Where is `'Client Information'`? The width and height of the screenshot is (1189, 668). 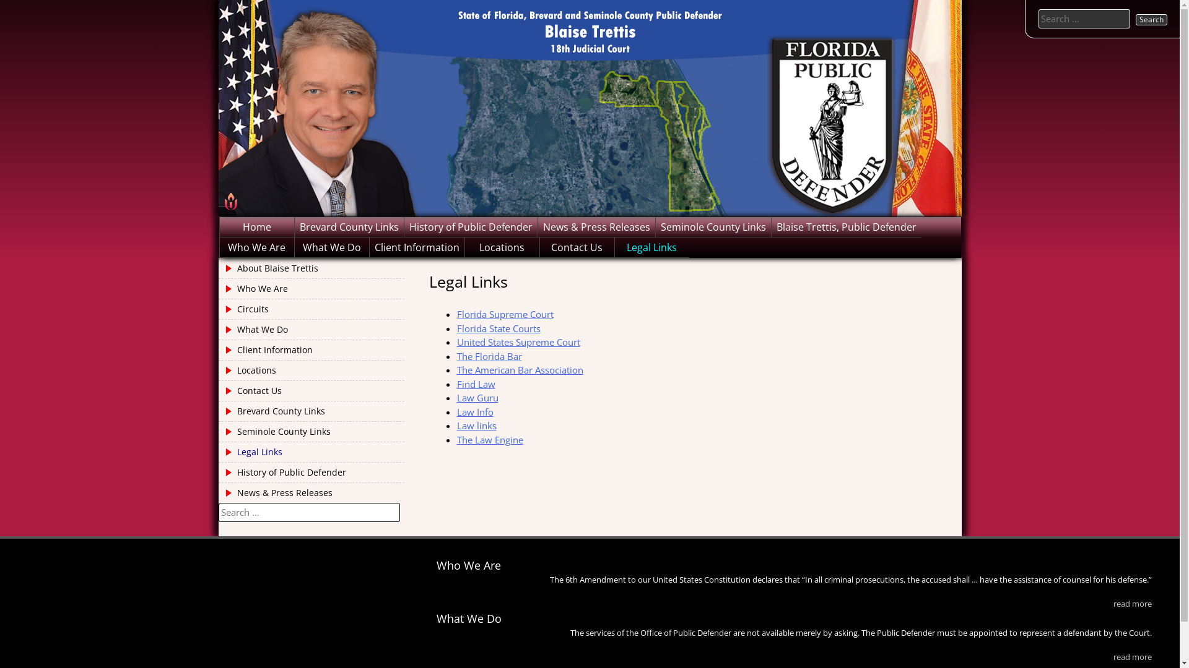
'Client Information' is located at coordinates (217, 350).